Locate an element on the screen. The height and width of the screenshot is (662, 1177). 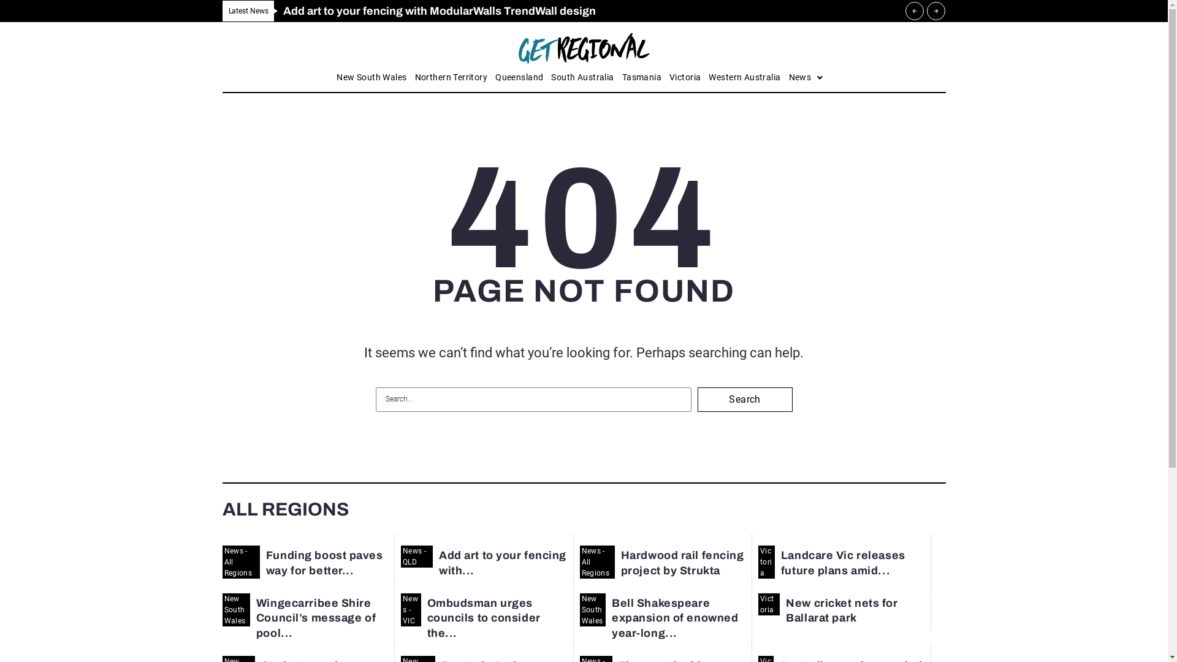
'Queensland' is located at coordinates (519, 77).